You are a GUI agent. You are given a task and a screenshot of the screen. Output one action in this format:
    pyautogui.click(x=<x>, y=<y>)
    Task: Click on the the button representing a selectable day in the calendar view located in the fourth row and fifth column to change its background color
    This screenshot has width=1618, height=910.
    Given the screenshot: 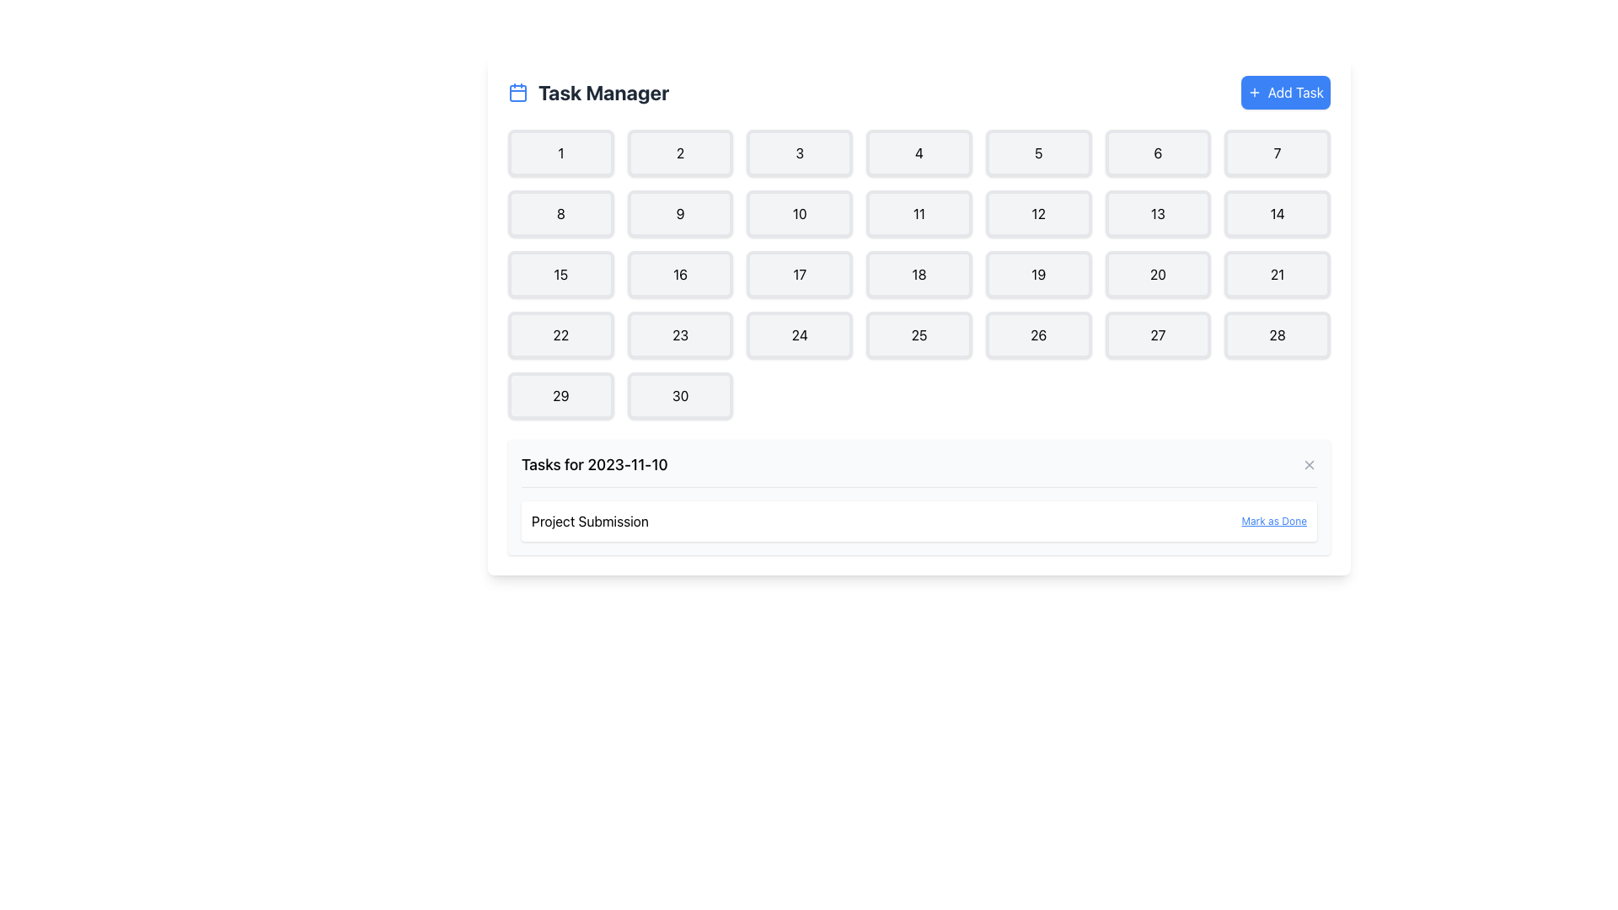 What is the action you would take?
    pyautogui.click(x=1037, y=335)
    